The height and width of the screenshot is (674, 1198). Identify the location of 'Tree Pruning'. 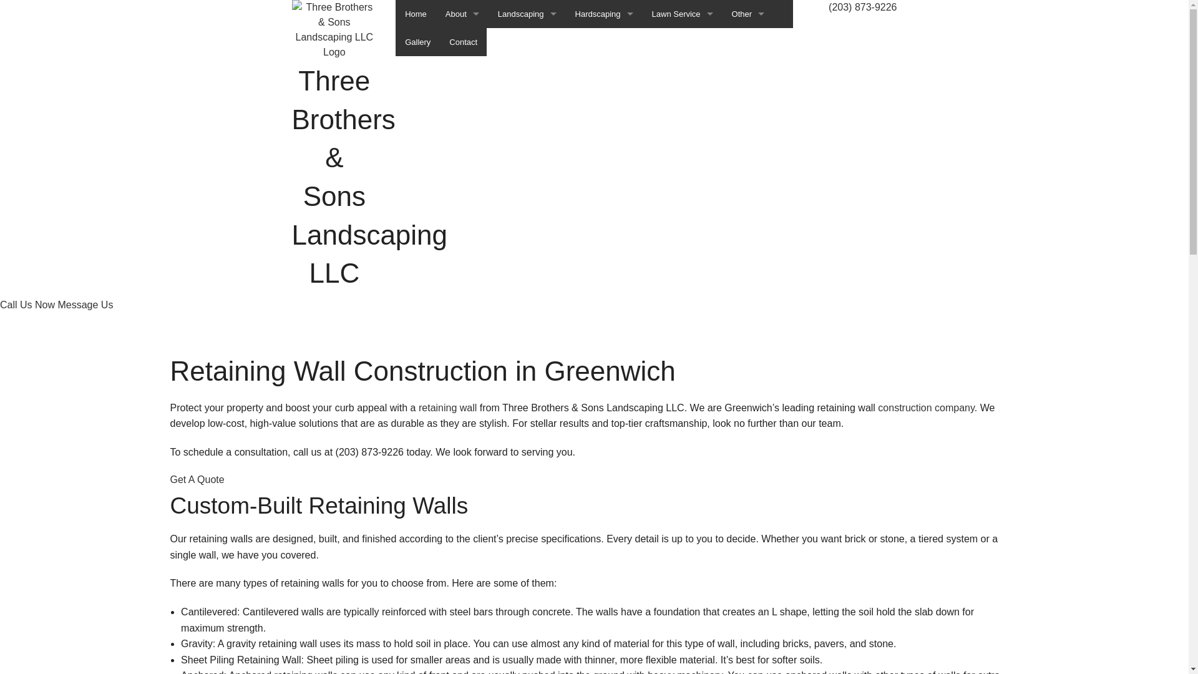
(748, 295).